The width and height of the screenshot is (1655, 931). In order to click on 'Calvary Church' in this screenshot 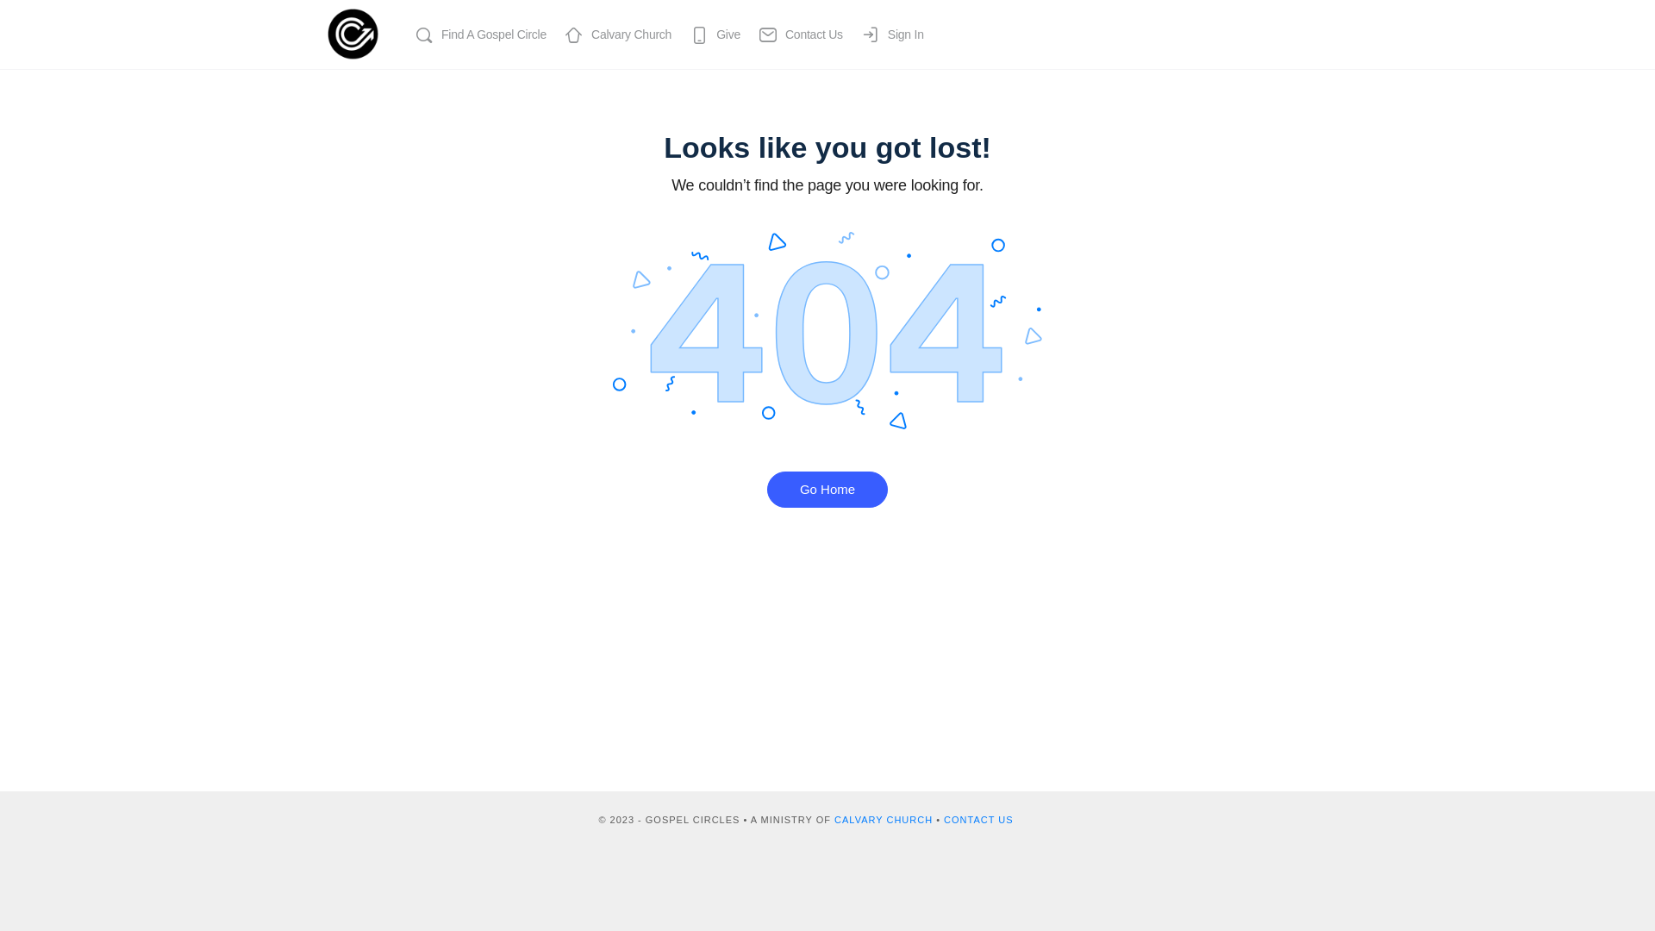, I will do `click(563, 34)`.